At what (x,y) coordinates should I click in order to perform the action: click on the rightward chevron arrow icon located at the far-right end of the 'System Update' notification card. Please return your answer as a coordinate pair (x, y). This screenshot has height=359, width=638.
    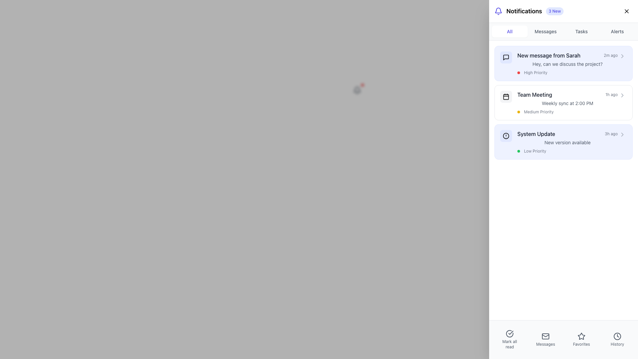
    Looking at the image, I should click on (622, 95).